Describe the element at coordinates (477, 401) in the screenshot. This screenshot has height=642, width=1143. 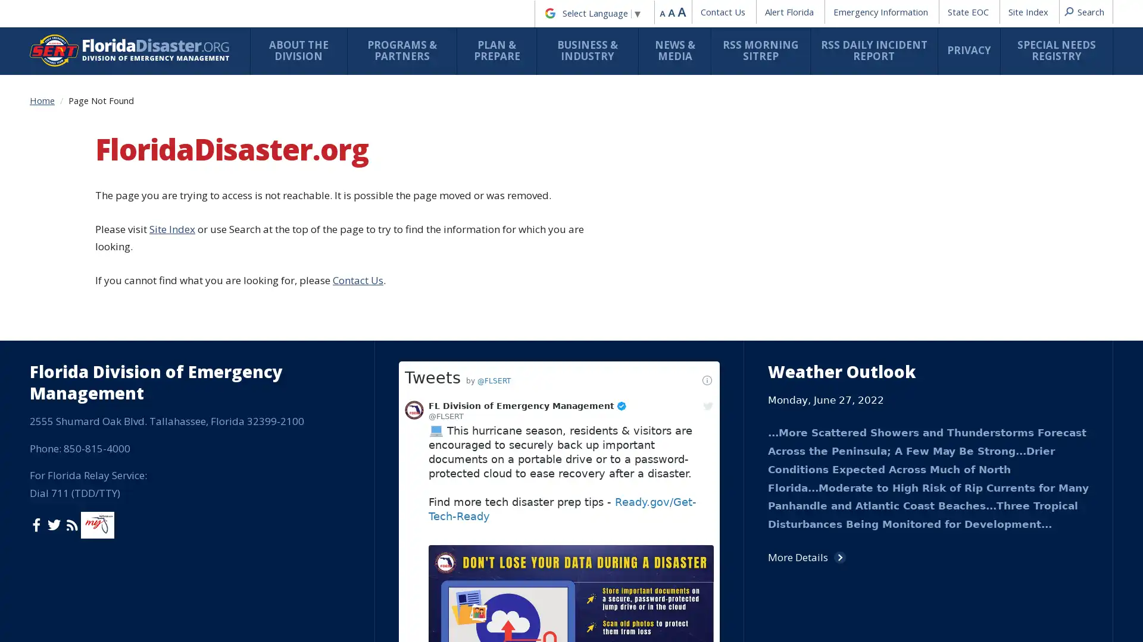
I see `Toggle More` at that location.